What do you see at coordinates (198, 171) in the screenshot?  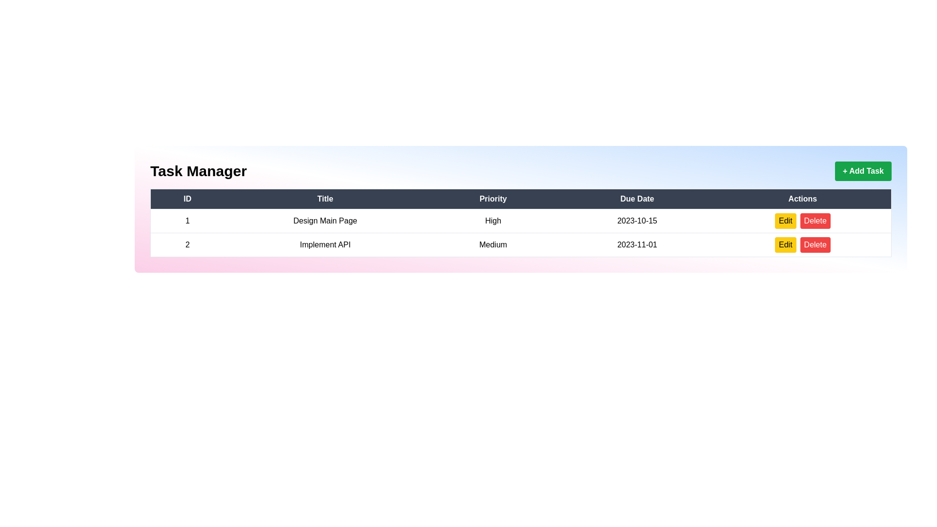 I see `prominent header text 'Task Manager' which is styled in large, bold font and aligned to the left` at bounding box center [198, 171].